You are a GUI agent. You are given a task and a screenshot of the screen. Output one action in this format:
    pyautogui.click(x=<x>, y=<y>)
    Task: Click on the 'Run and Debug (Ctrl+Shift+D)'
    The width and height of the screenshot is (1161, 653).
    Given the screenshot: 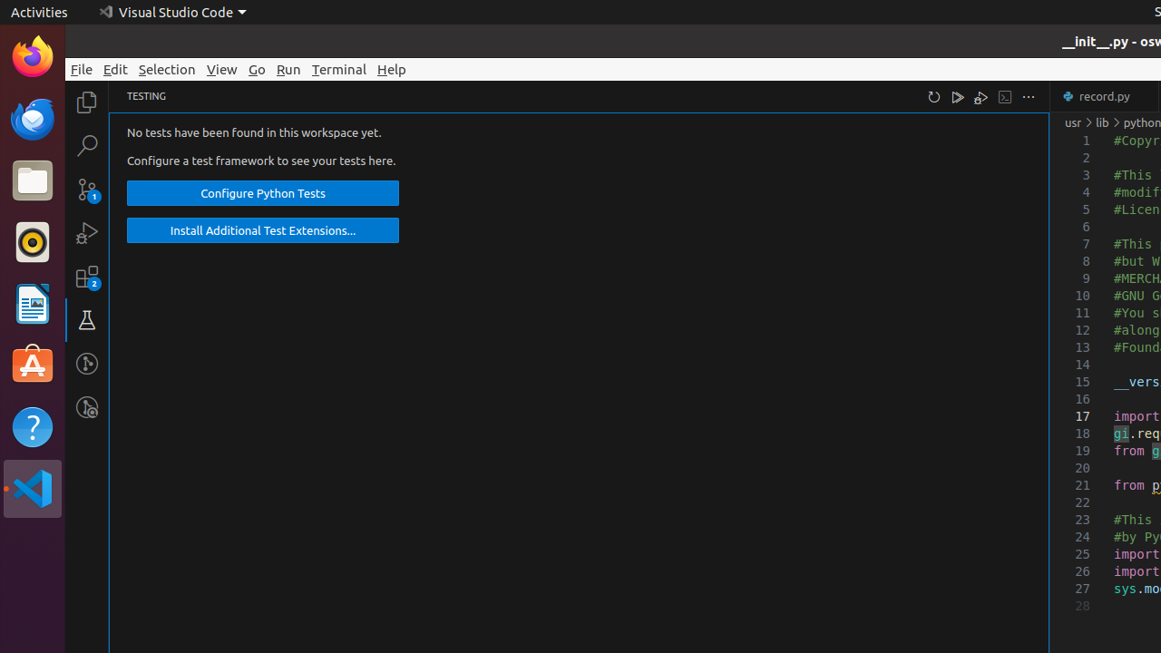 What is the action you would take?
    pyautogui.click(x=86, y=231)
    